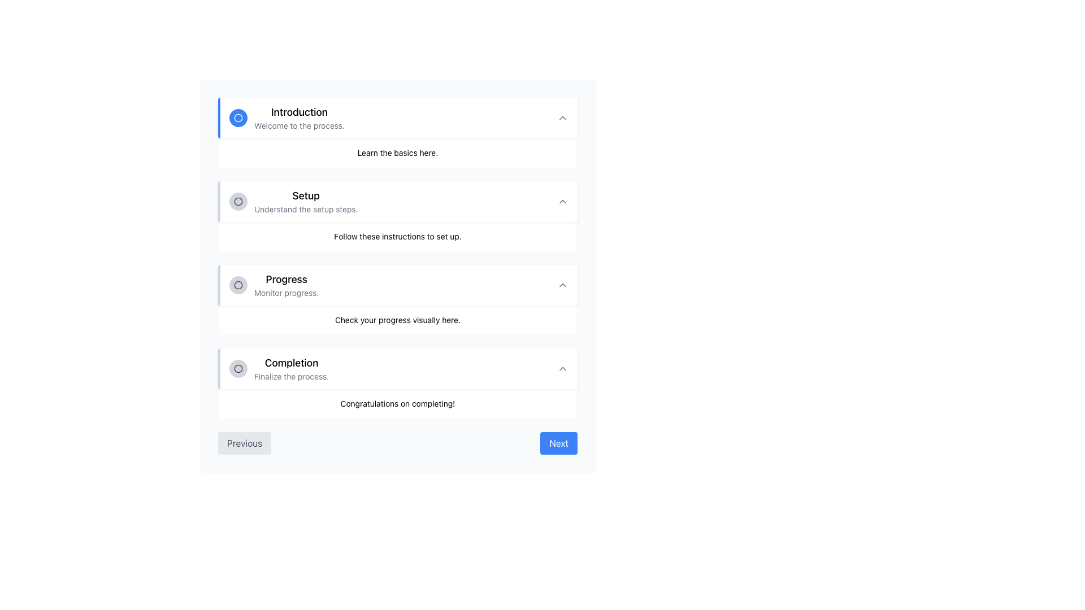 This screenshot has width=1085, height=610. I want to click on the 'Progress' informational block, which contains a small circle, the title 'Progress' in bold, and the subtitle 'Monitor progress.', so click(398, 299).